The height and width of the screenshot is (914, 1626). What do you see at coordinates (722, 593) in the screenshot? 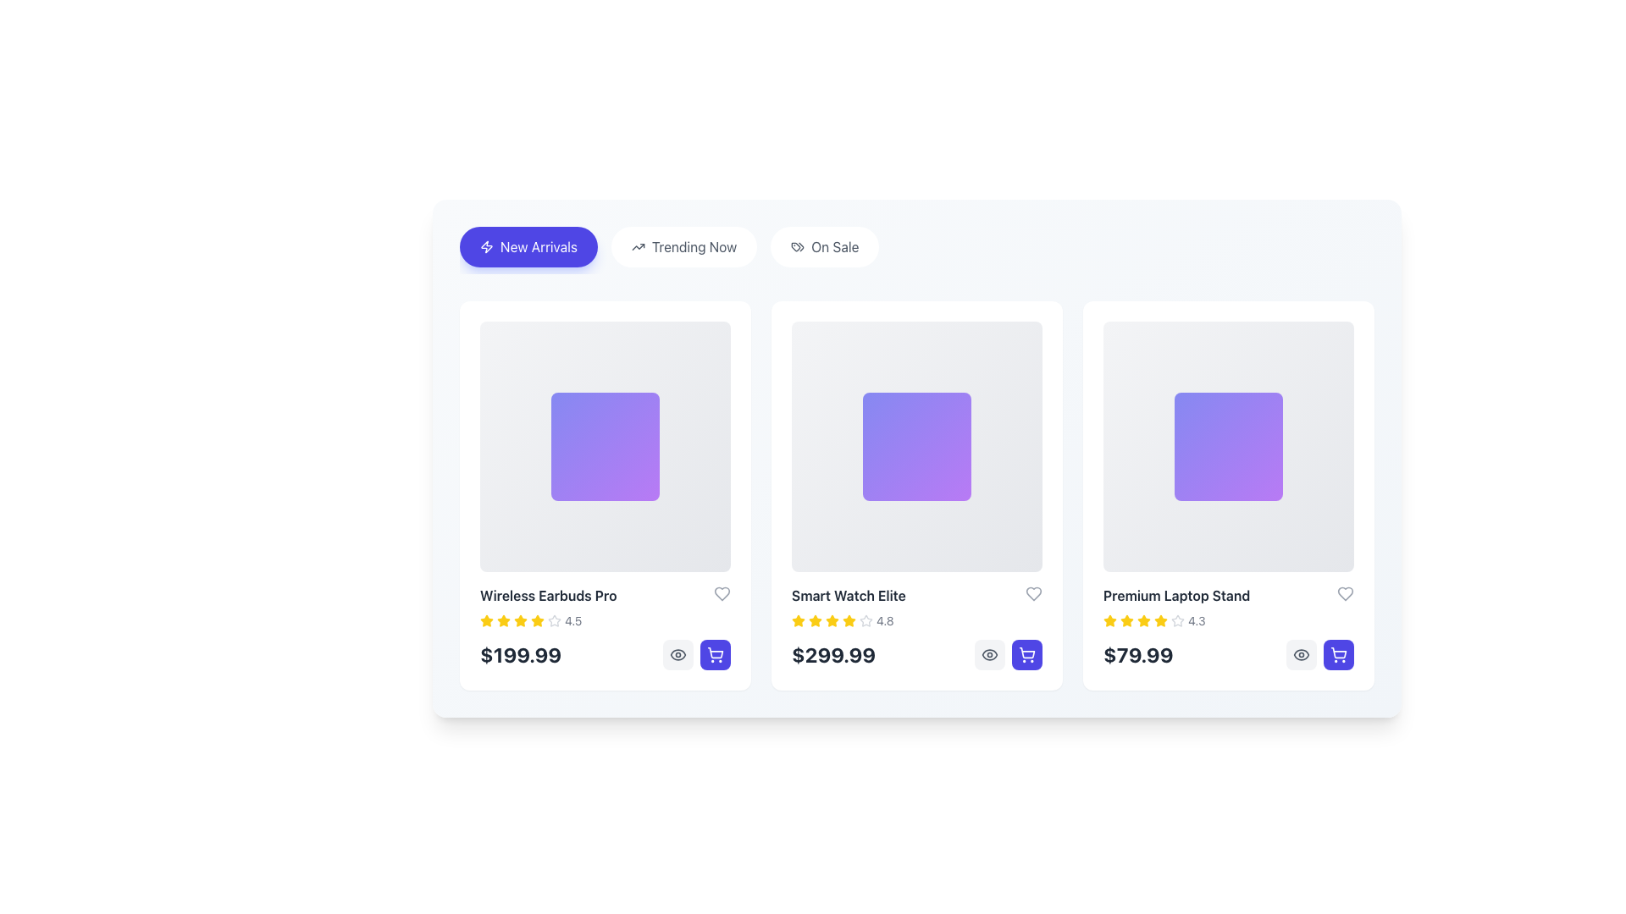
I see `the heart-shaped icon in the upper right corner of the 'Wireless Earbuds Pro' product card` at bounding box center [722, 593].